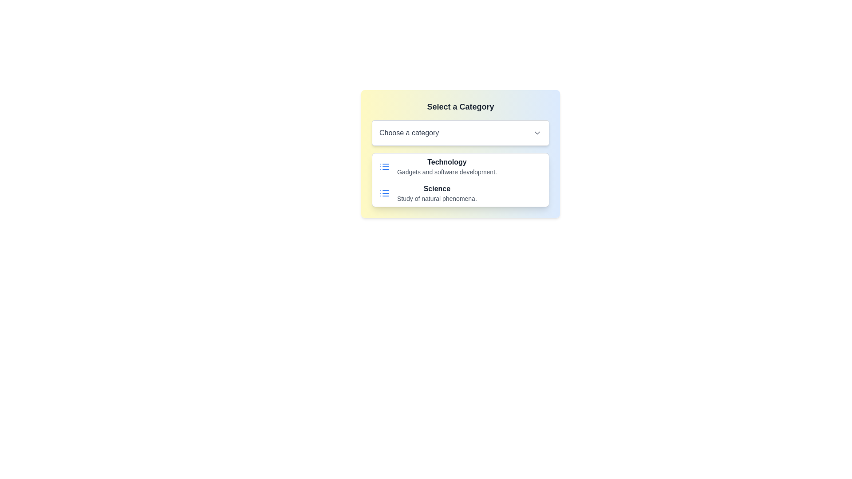 This screenshot has height=479, width=852. I want to click on the List Item labeled 'Technology' which displays a title in bold dark gray text and a subtitle in lighter gray text, accompanied by a blue list icon, so click(460, 166).